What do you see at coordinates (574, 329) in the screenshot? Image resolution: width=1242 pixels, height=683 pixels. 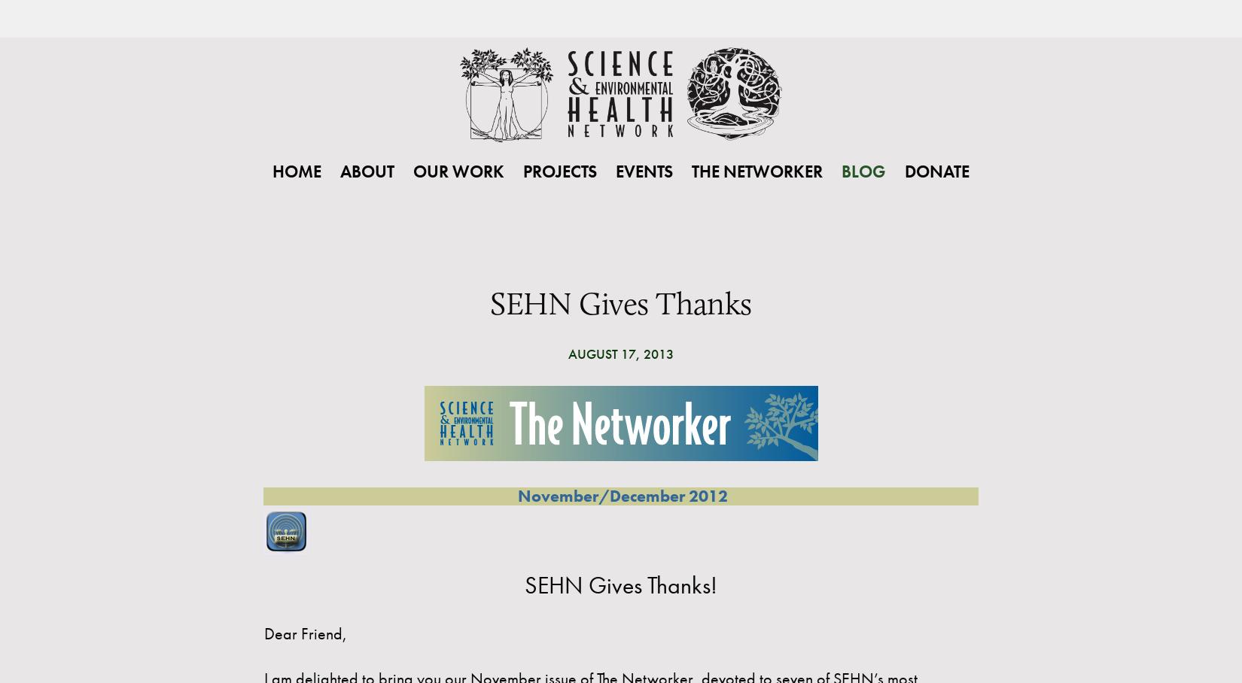 I see `'Guardianship of Future Generations'` at bounding box center [574, 329].